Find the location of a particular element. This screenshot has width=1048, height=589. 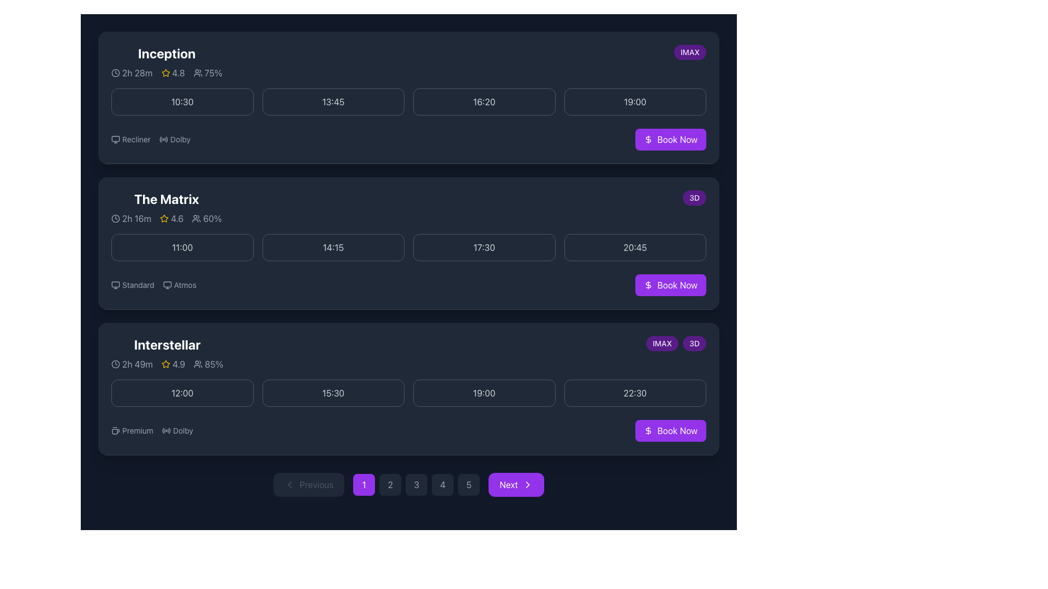

the individual button representing a movie showtime in the grid located under the 'Interstellar' section is located at coordinates (408, 393).